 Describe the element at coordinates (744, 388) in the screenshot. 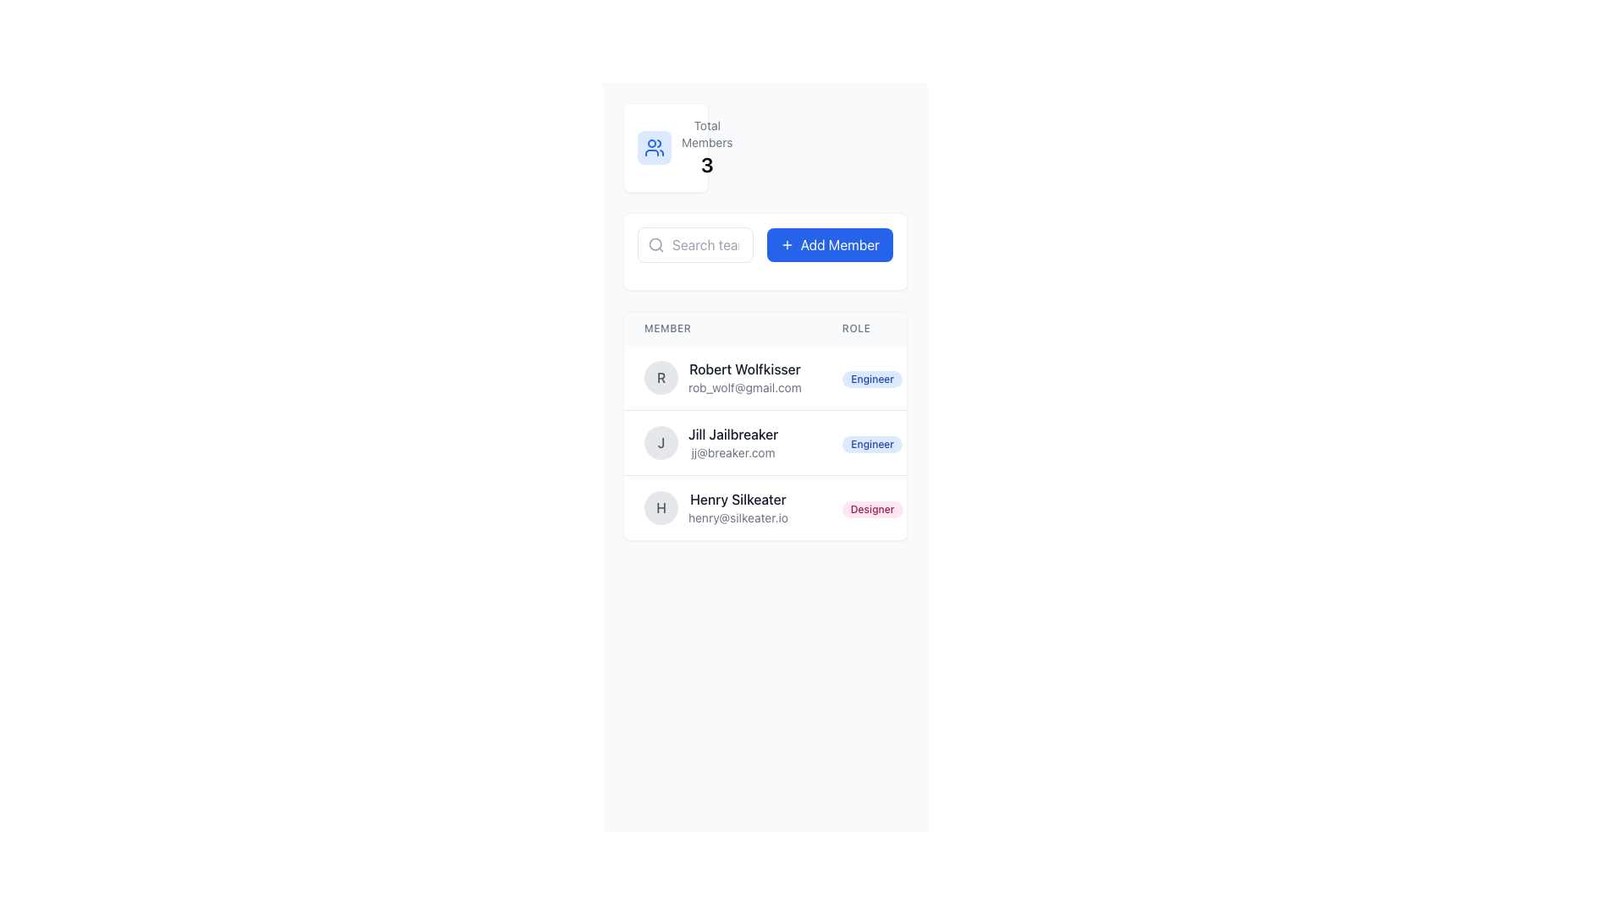

I see `the email text displayed for the member 'Robert Wolfkisser', which is positioned directly underneath the name in the members list` at that location.